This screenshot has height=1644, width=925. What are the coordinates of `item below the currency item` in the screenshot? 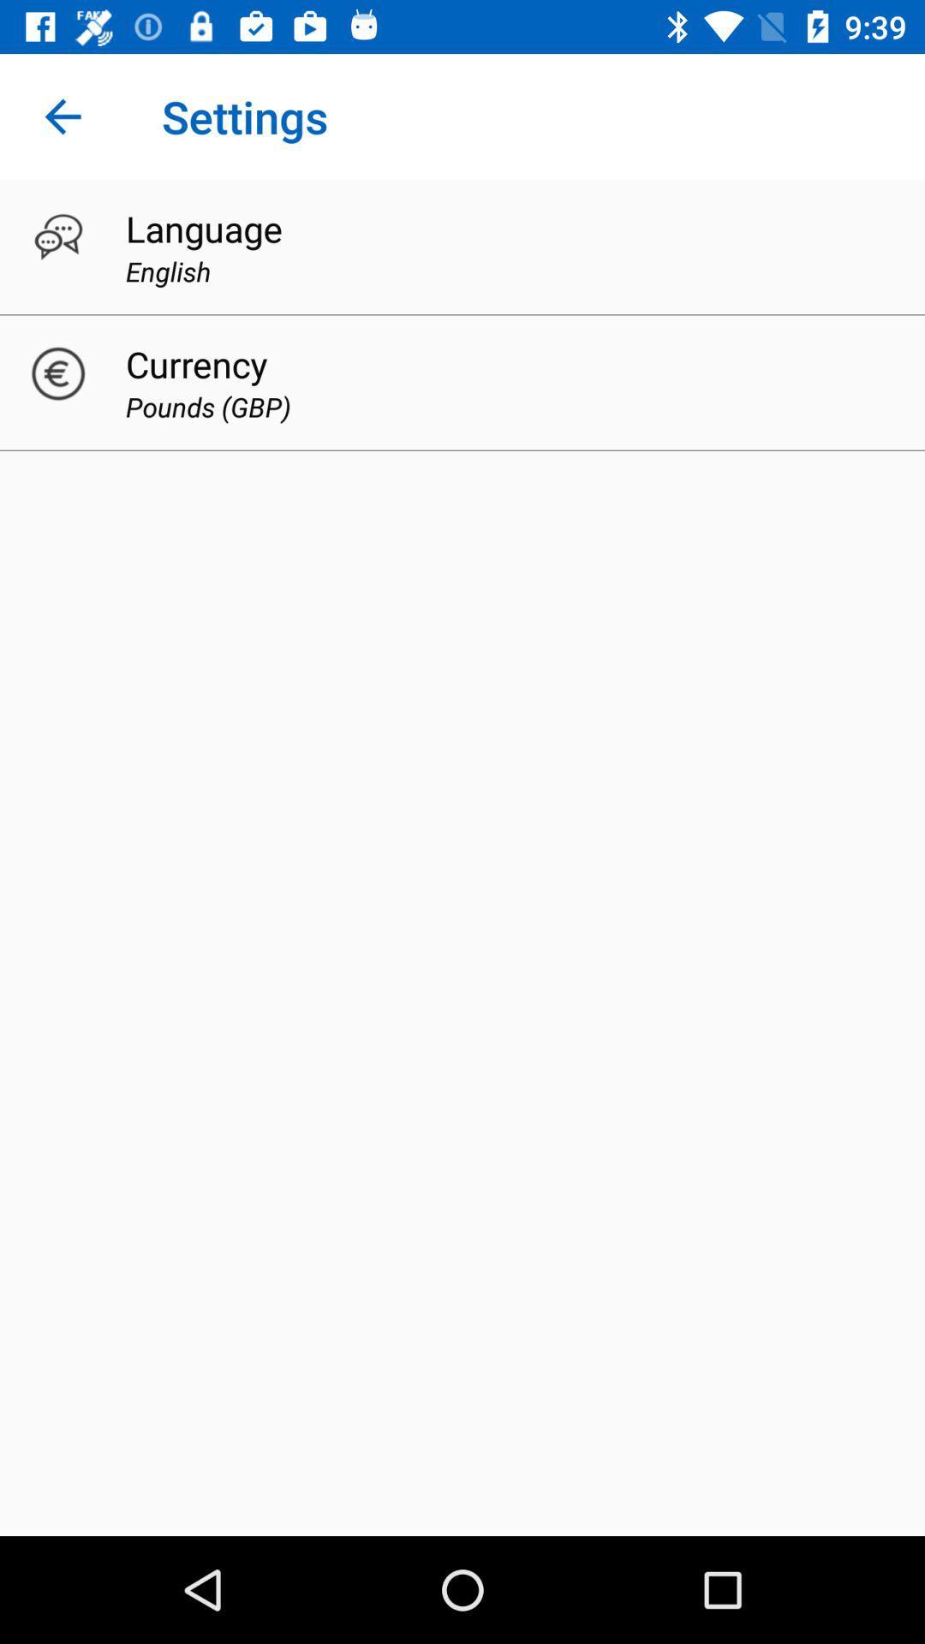 It's located at (207, 406).